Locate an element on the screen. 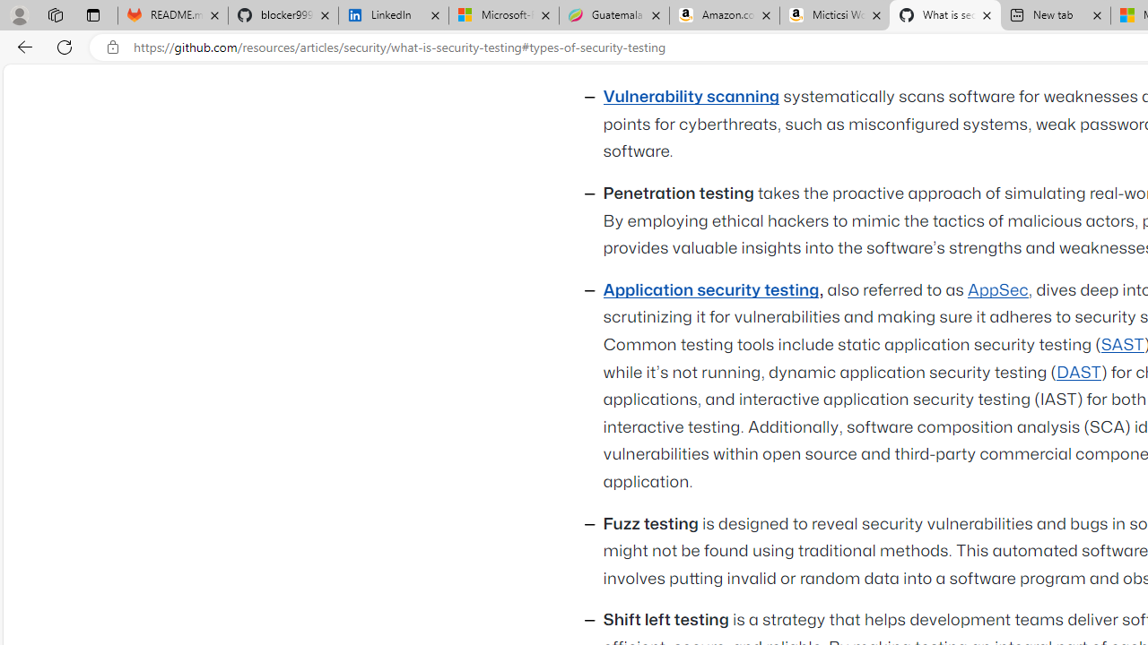 The image size is (1148, 645). 'SAST' is located at coordinates (1121, 344).